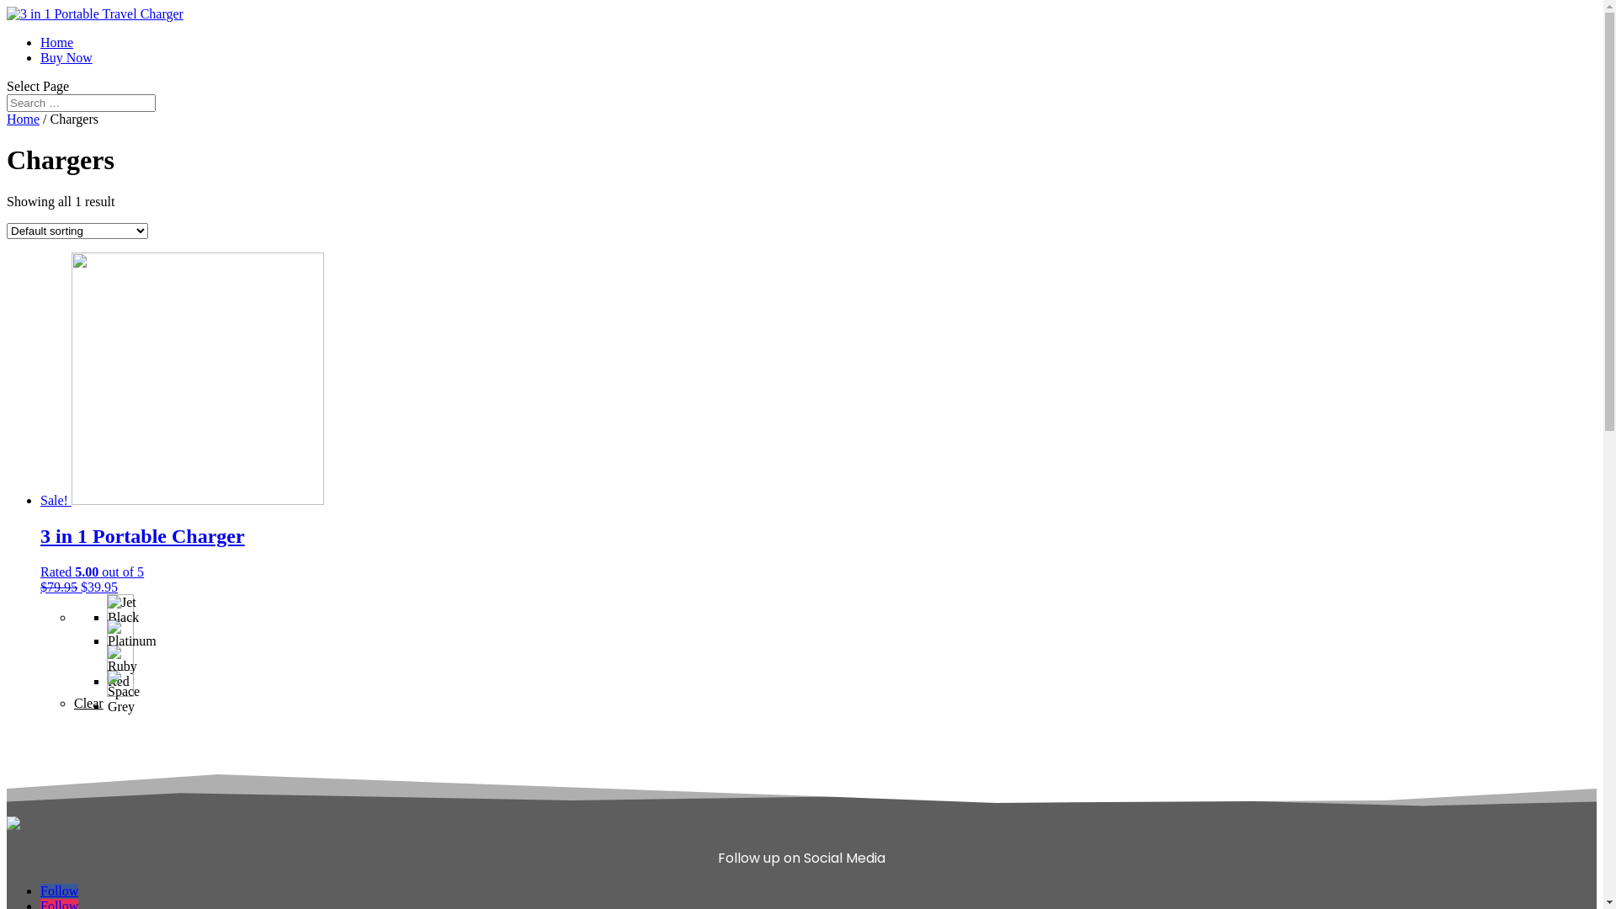 Image resolution: width=1616 pixels, height=909 pixels. What do you see at coordinates (59, 890) in the screenshot?
I see `'Follow'` at bounding box center [59, 890].